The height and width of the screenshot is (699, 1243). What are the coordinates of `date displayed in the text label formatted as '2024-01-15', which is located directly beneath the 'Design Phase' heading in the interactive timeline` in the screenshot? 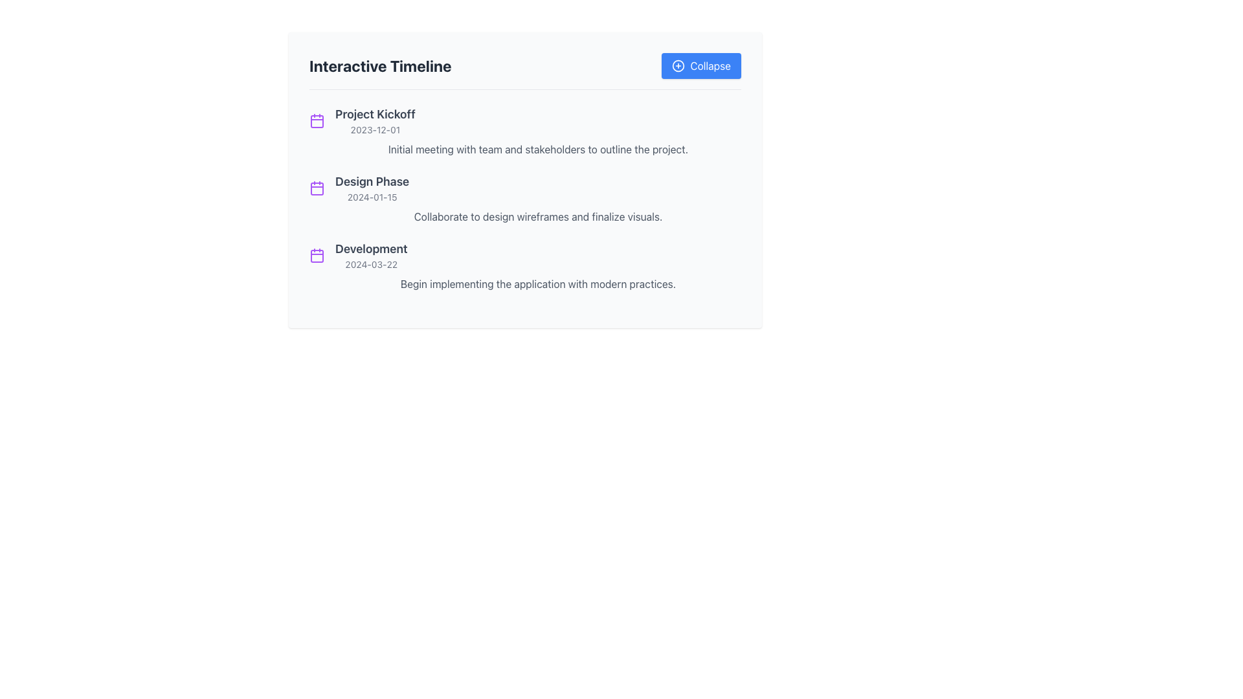 It's located at (372, 197).